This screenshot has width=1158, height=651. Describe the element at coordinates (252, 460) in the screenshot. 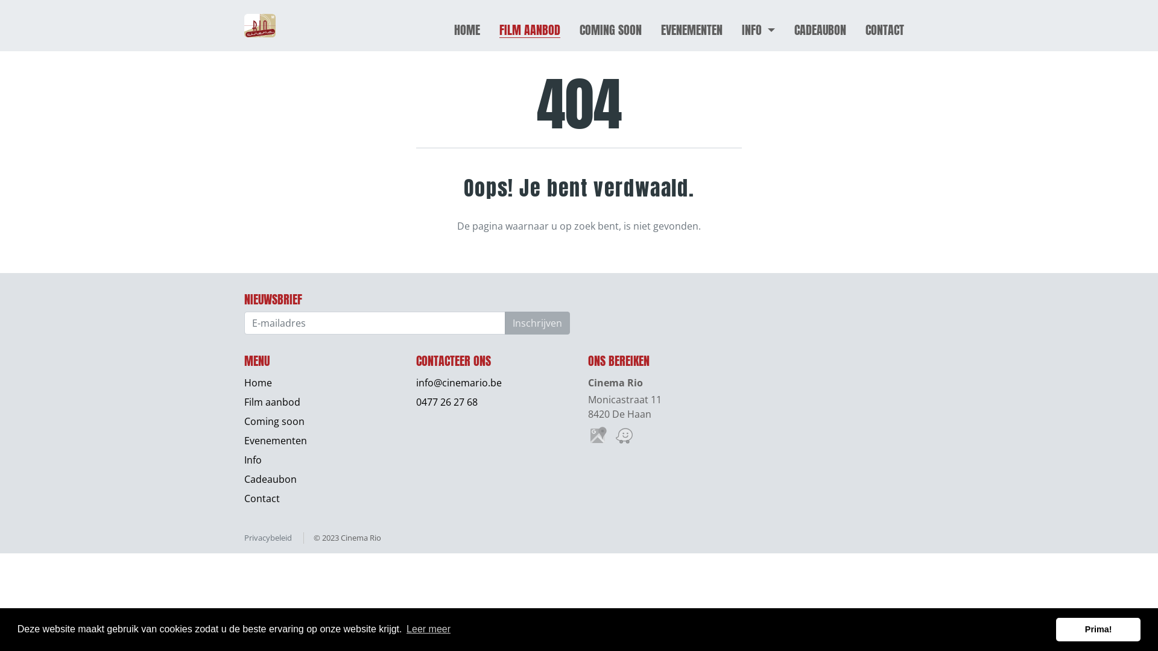

I see `'Info'` at that location.